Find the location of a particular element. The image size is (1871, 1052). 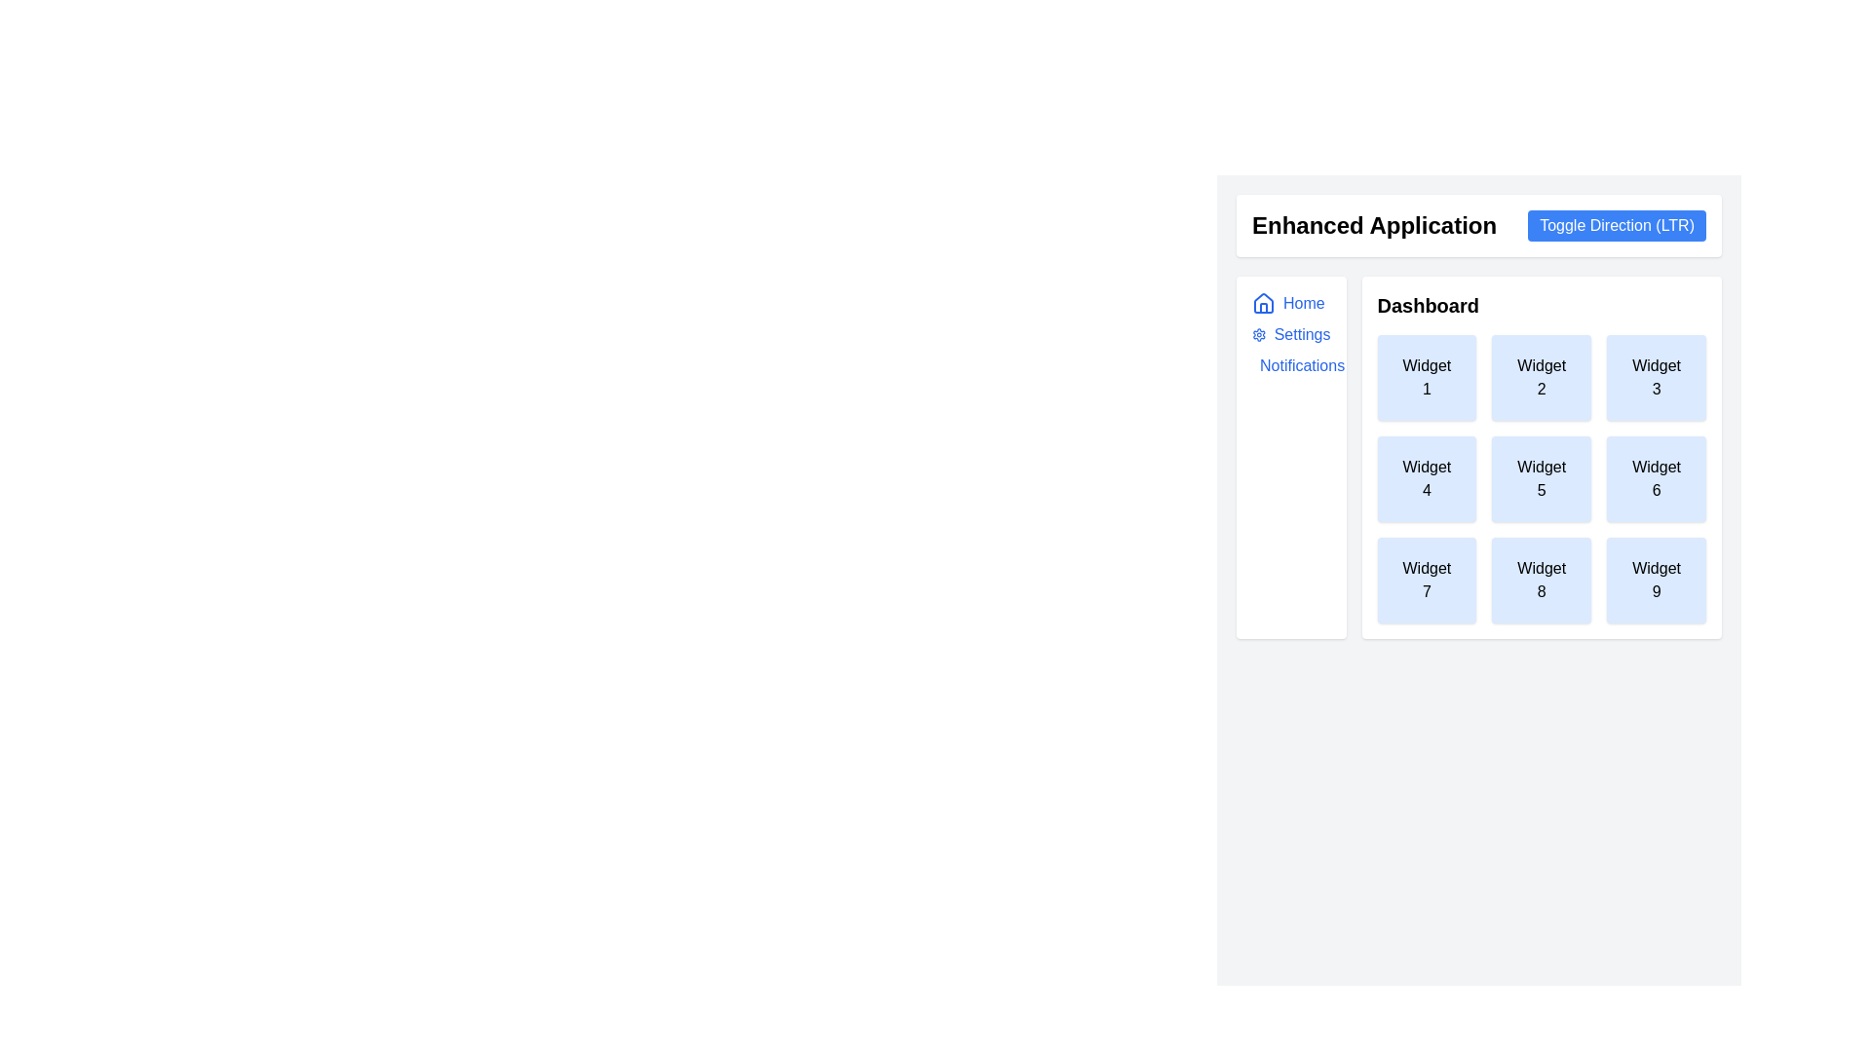

the doorway of the house icon located in the navigation menu on the left side of the interface, which is positioned at the center of the house icon next to the 'Home' label is located at coordinates (1263, 307).